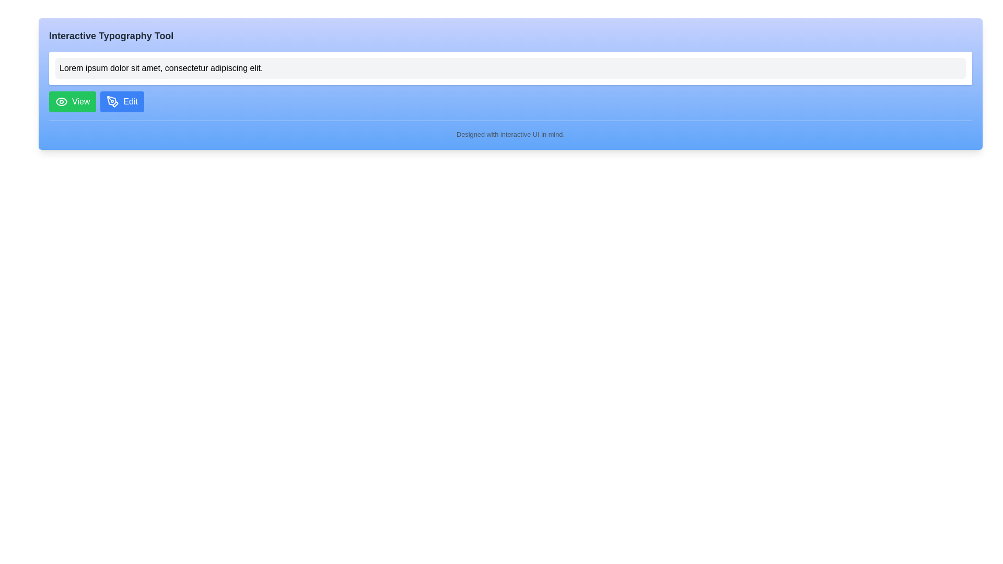  I want to click on the Text Label that serves as a title or heading for the displayed interface section, located in the top-left portion of the interface, so click(111, 36).